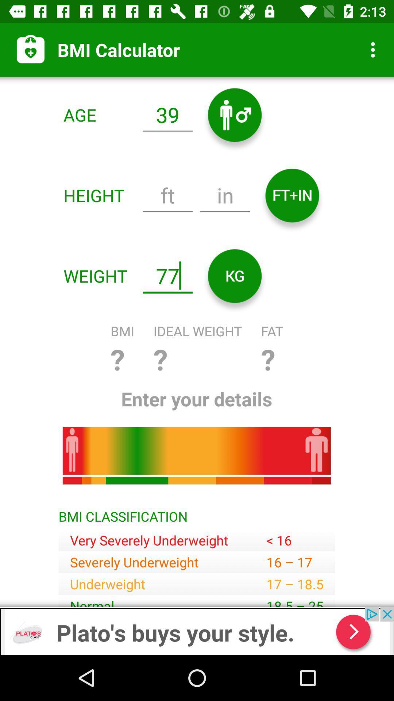 The height and width of the screenshot is (701, 394). Describe the element at coordinates (235, 275) in the screenshot. I see `the av_rewind icon` at that location.